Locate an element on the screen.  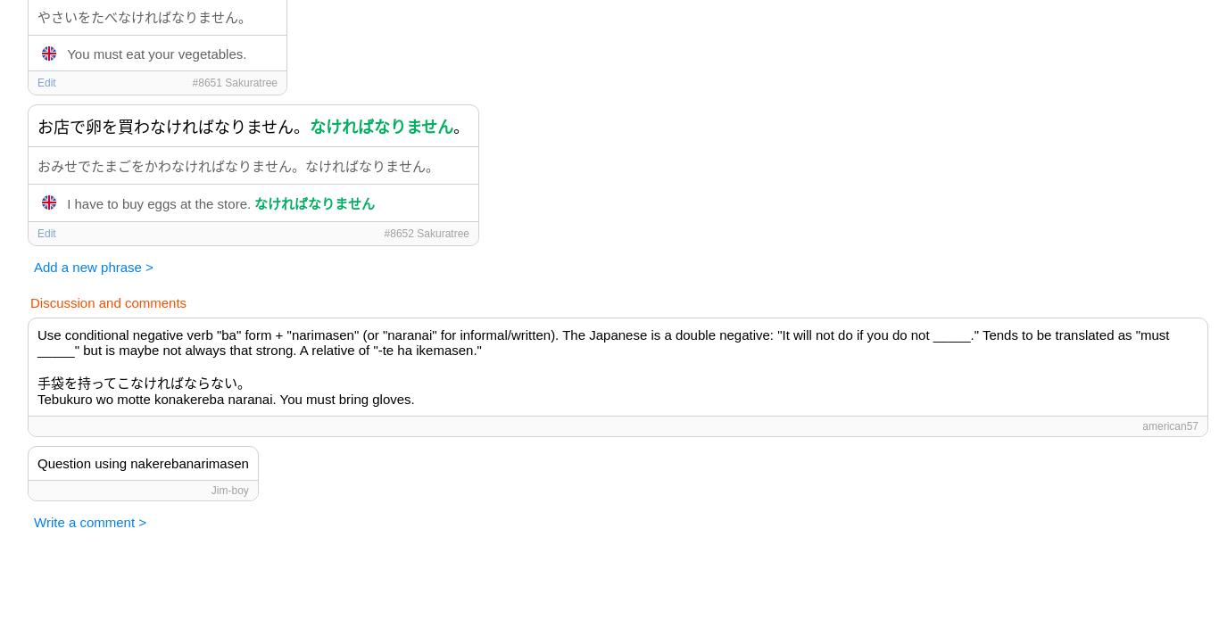
'You must eat your vegetables.' is located at coordinates (155, 52).